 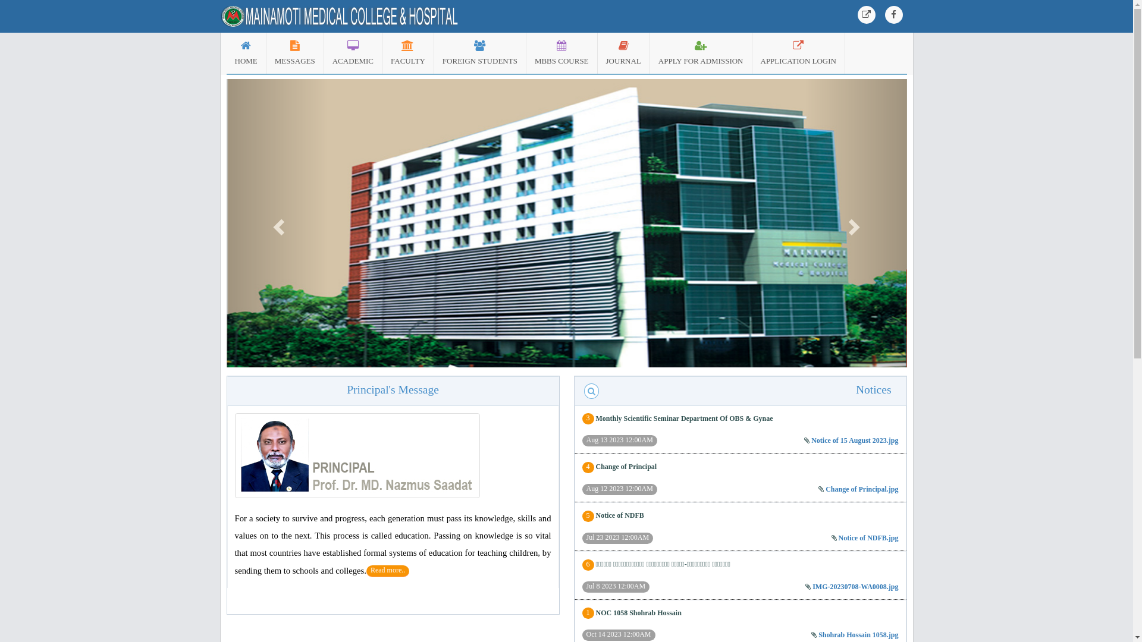 What do you see at coordinates (824, 489) in the screenshot?
I see `'Change of Principal.jpg'` at bounding box center [824, 489].